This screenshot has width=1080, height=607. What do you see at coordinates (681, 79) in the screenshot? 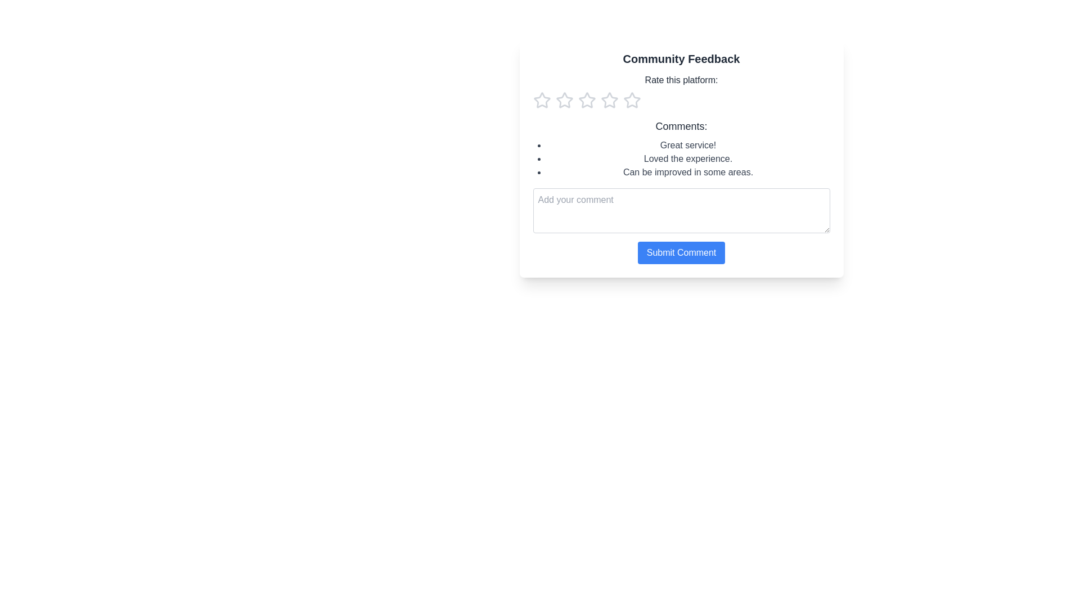
I see `the text label that displays 'Rate this platform:' which is positioned above the star icons in the feedback form section` at bounding box center [681, 79].